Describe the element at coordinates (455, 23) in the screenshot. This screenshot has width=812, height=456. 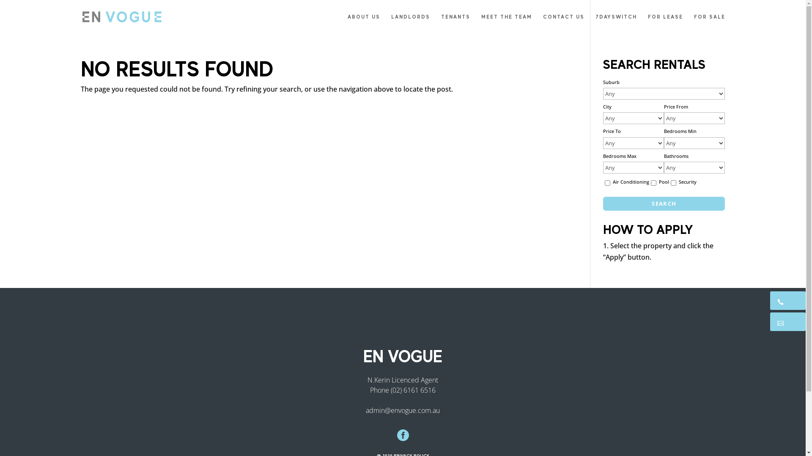
I see `'TENANTS'` at that location.